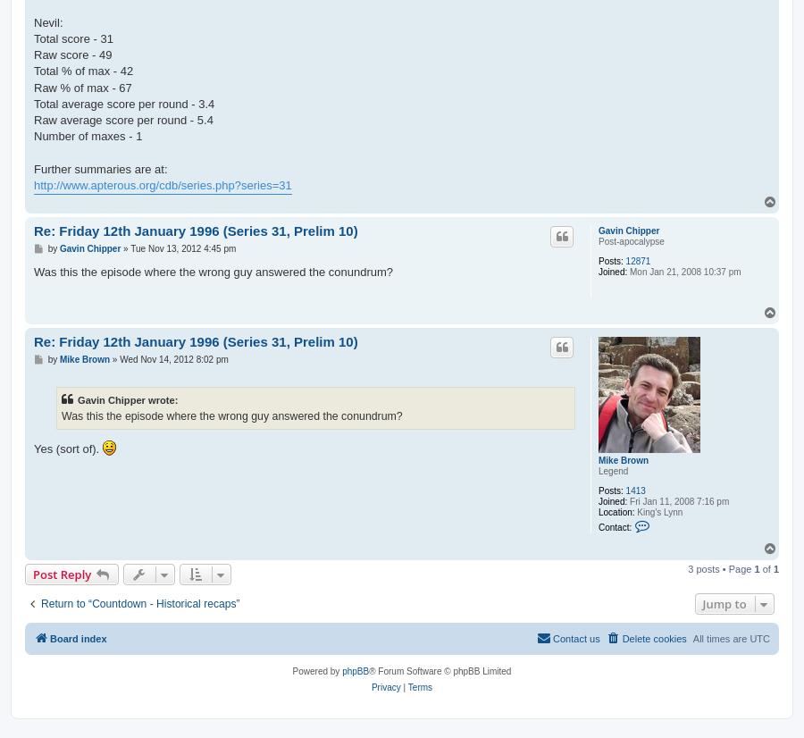  Describe the element at coordinates (66, 449) in the screenshot. I see `'Yes (sort of).'` at that location.